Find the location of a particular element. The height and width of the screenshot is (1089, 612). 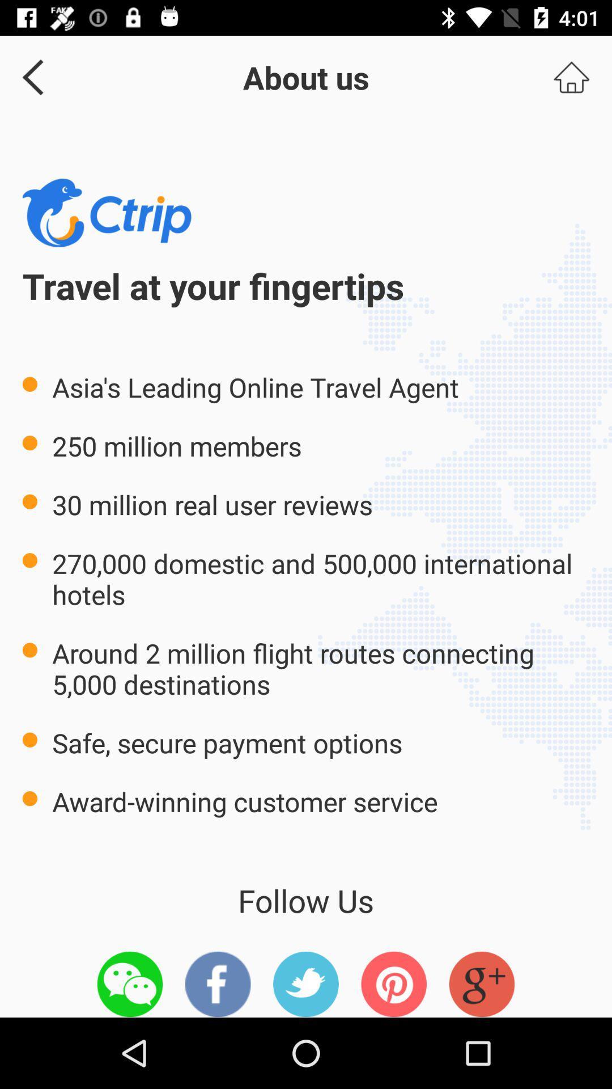

the item at the top right corner is located at coordinates (571, 77).